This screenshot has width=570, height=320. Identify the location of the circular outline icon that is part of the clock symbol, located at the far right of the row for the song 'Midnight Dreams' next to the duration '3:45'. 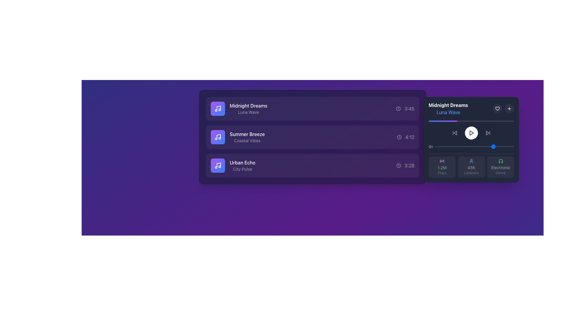
(398, 108).